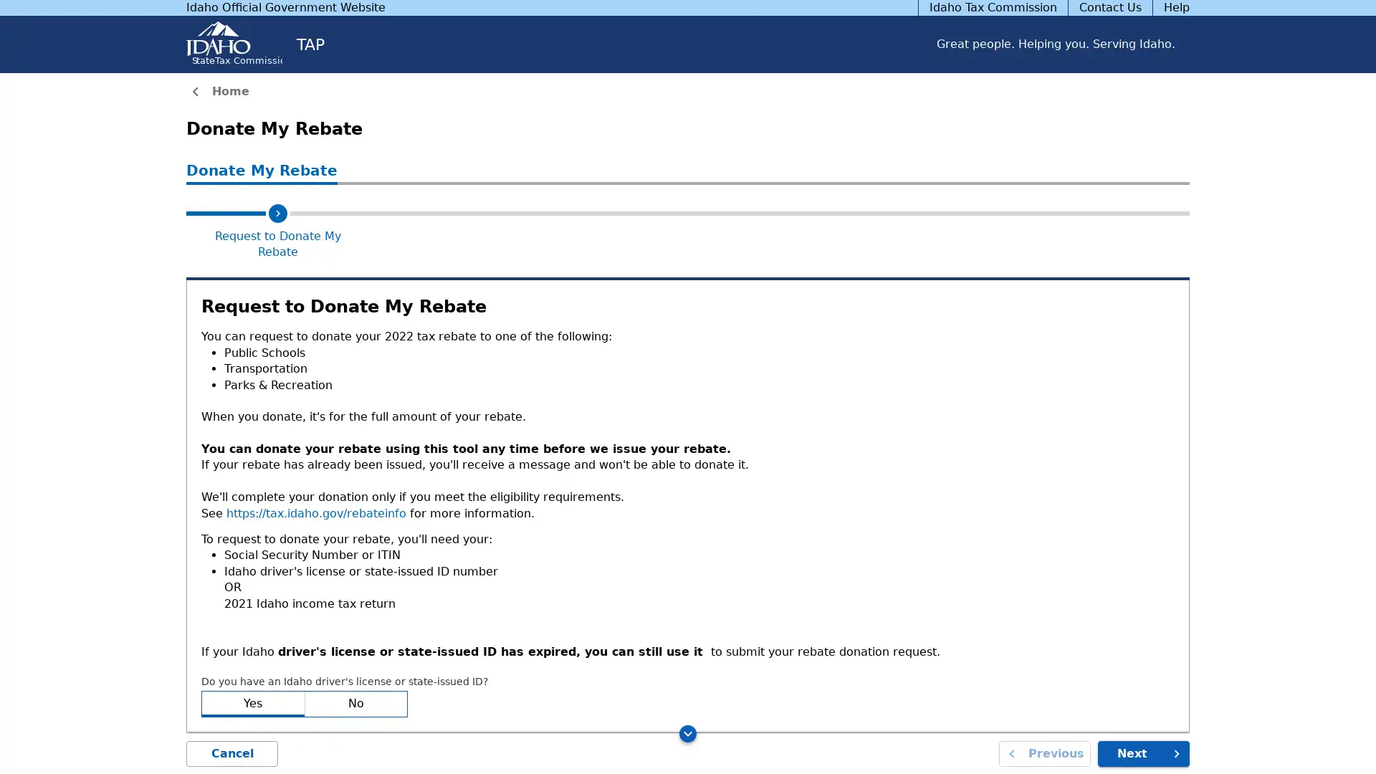  Describe the element at coordinates (232, 752) in the screenshot. I see `Cancel` at that location.